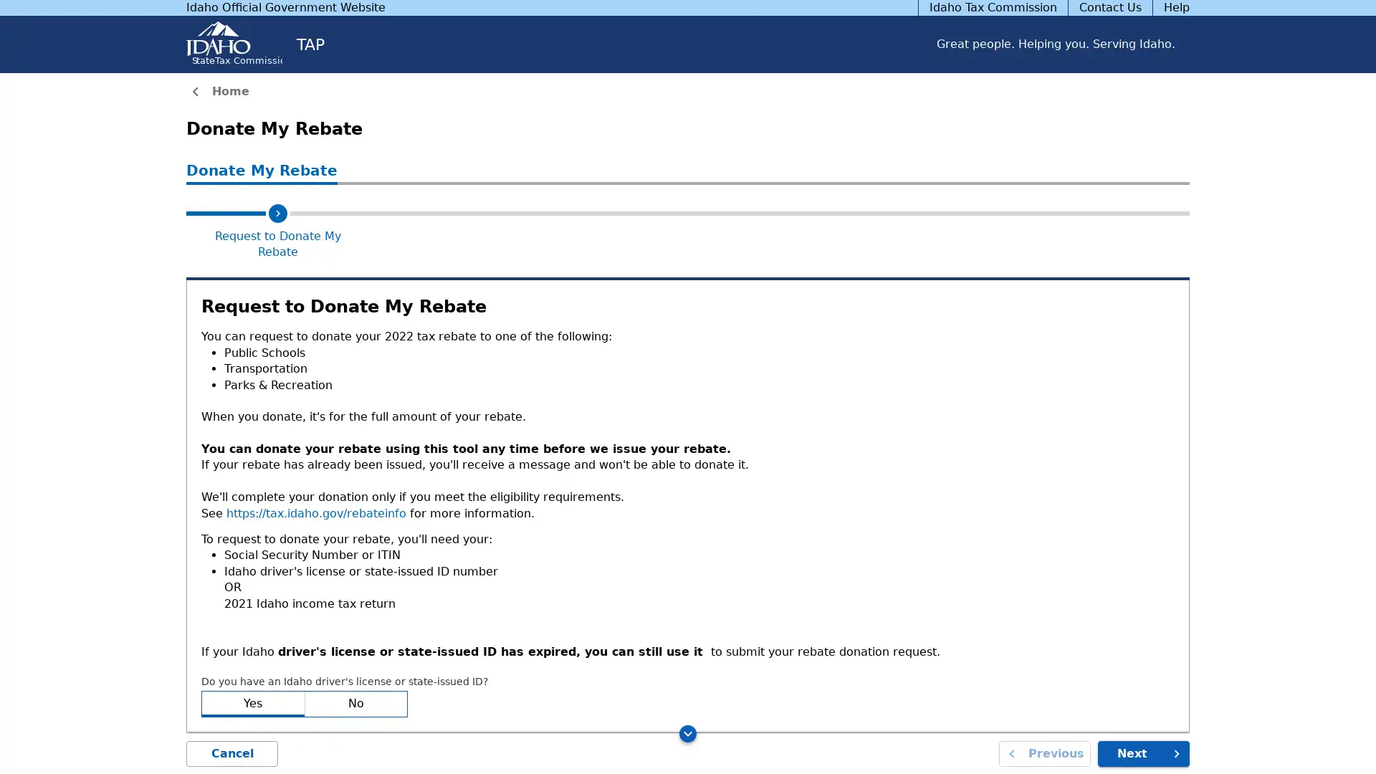  Describe the element at coordinates (232, 752) in the screenshot. I see `Cancel` at that location.